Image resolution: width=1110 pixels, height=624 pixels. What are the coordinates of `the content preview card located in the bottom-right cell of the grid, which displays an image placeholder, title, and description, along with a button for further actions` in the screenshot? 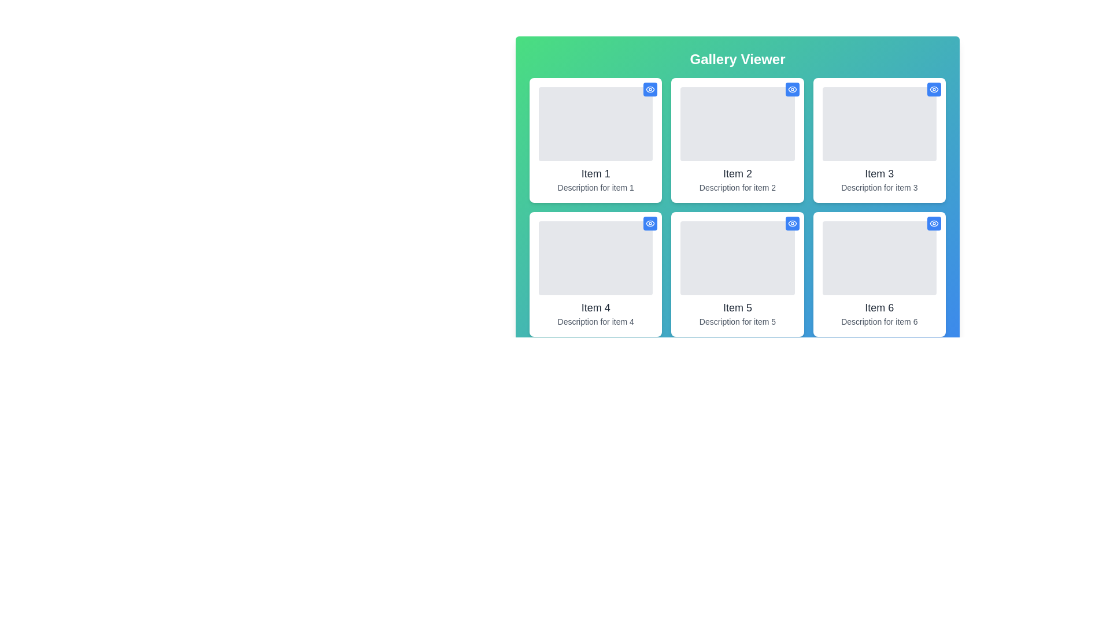 It's located at (879, 274).